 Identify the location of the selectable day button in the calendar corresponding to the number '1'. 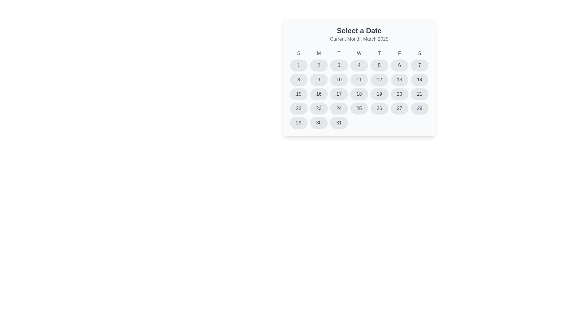
(299, 65).